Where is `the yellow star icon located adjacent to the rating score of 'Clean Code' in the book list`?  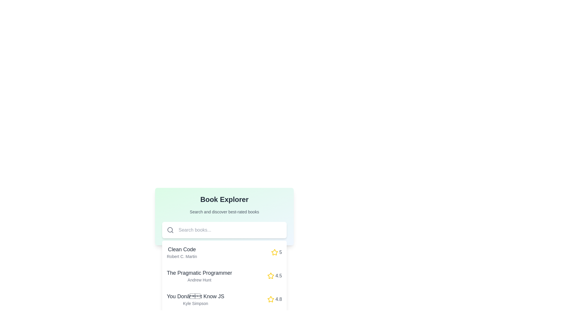
the yellow star icon located adjacent to the rating score of 'Clean Code' in the book list is located at coordinates (274, 252).